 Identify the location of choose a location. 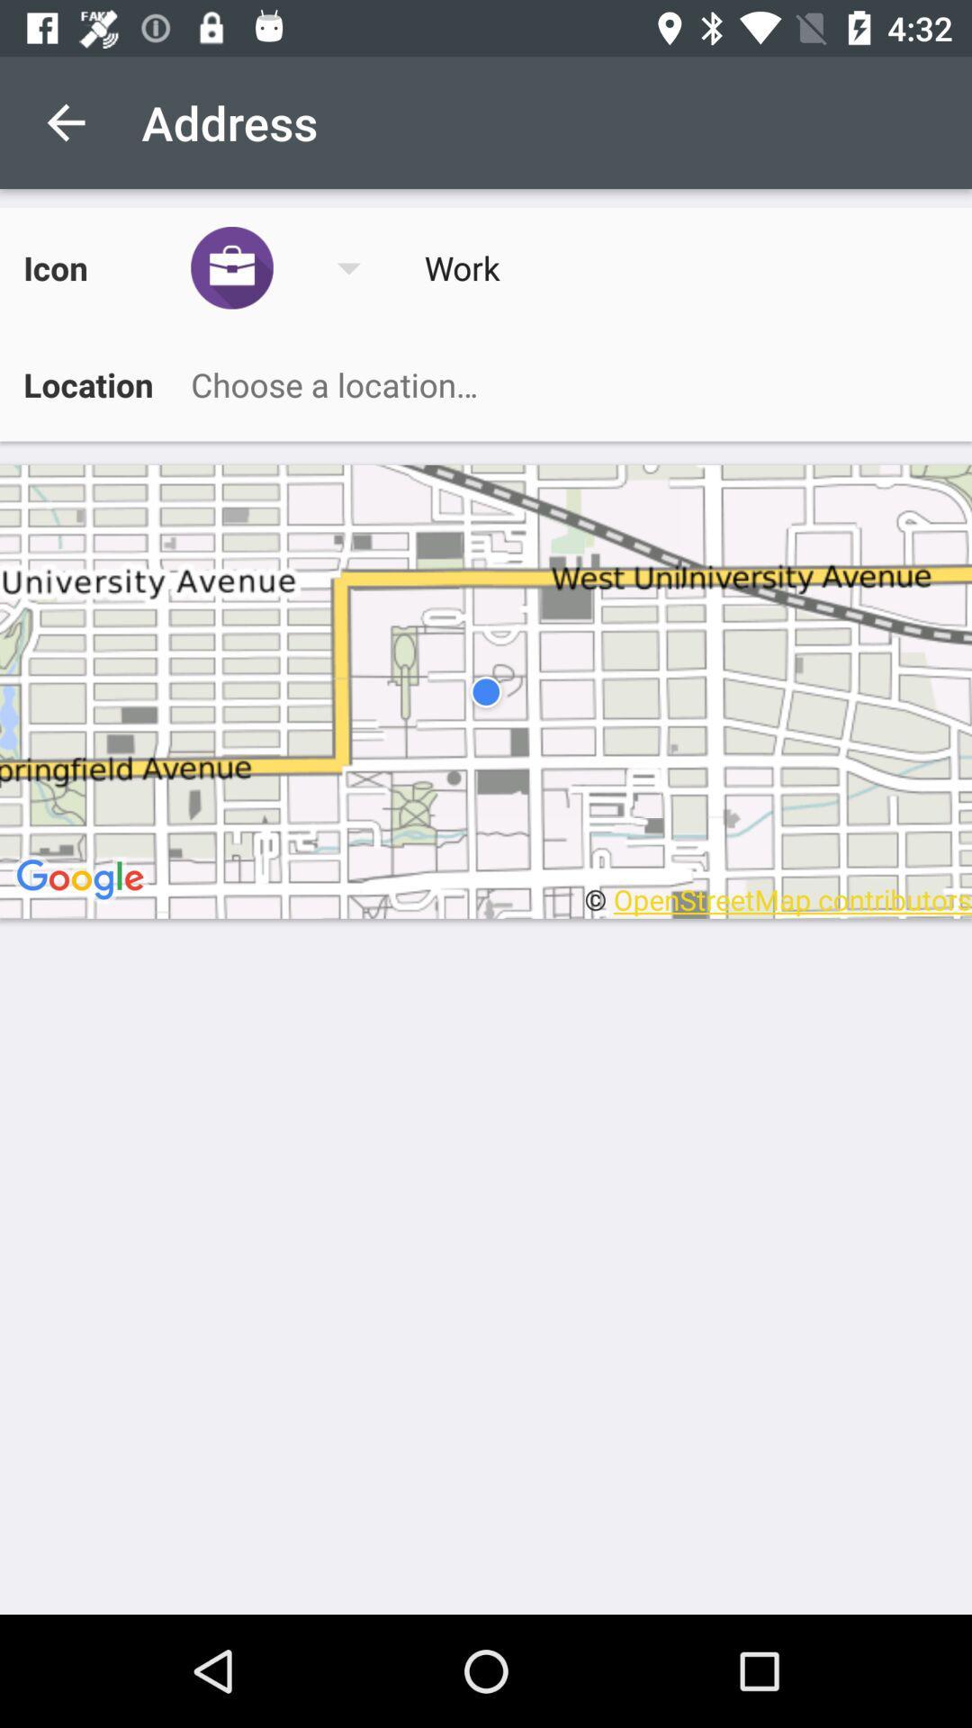
(559, 383).